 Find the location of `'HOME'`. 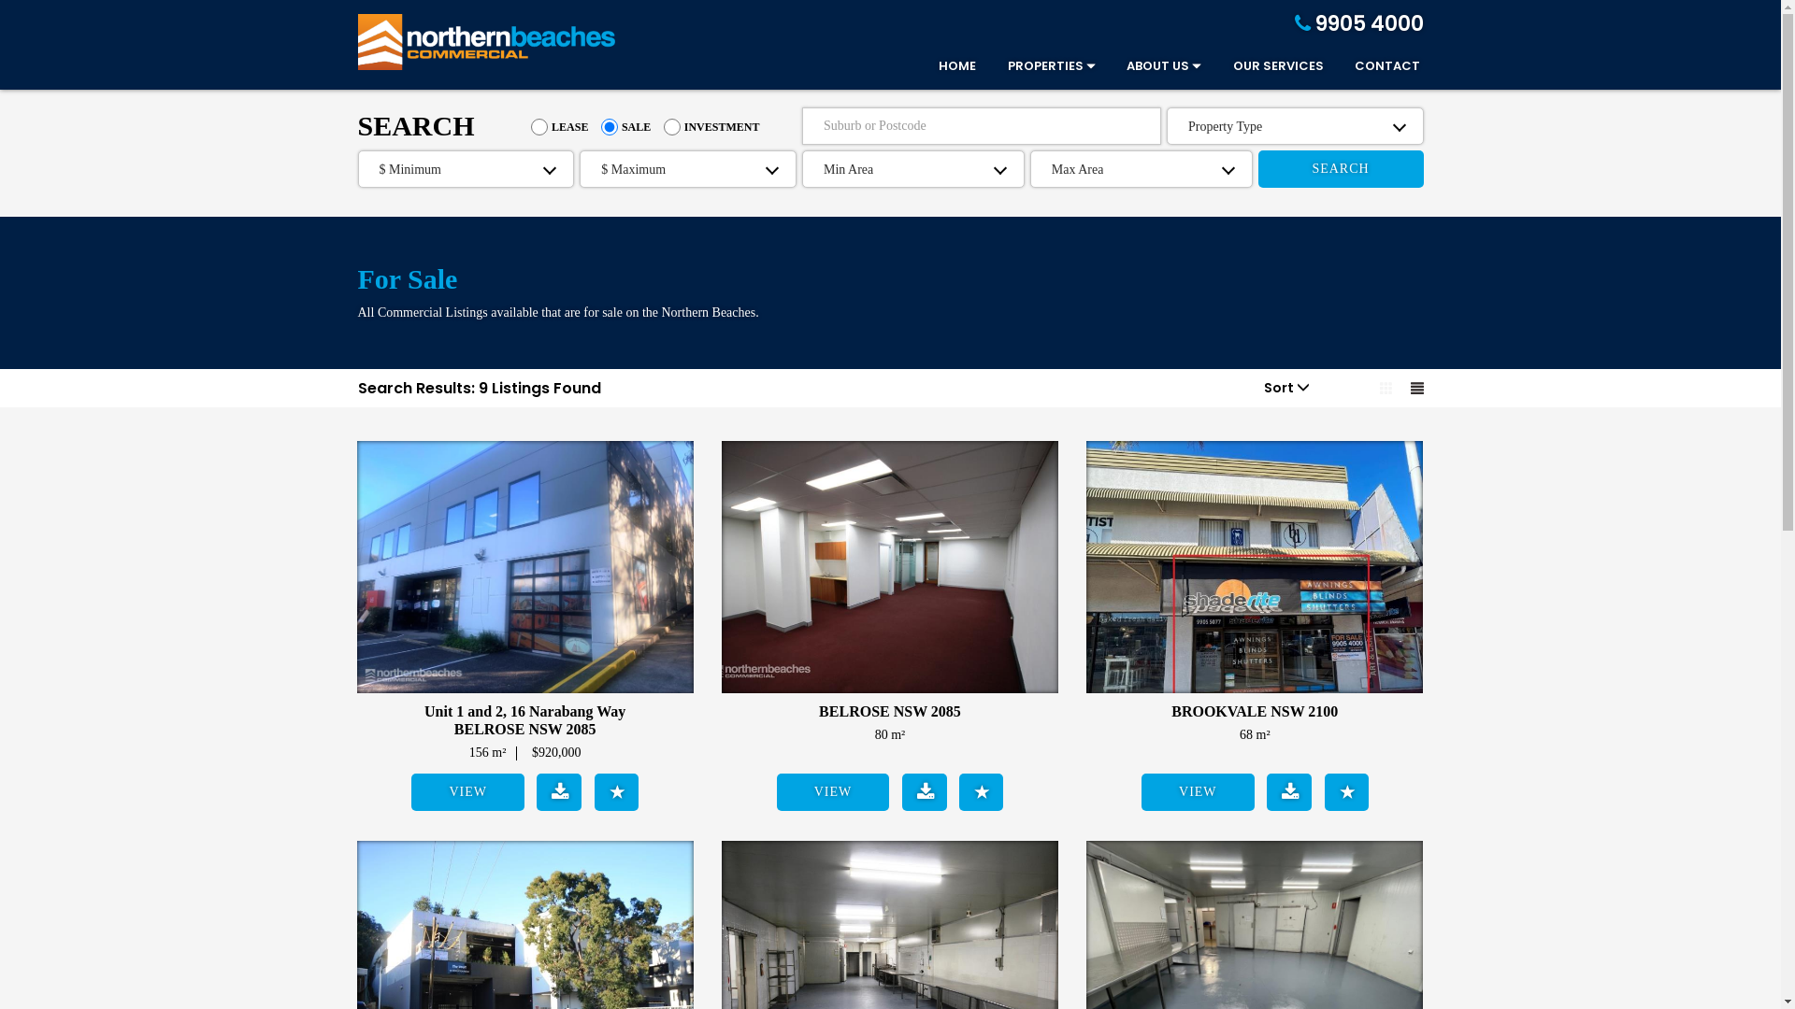

'HOME' is located at coordinates (942, 67).